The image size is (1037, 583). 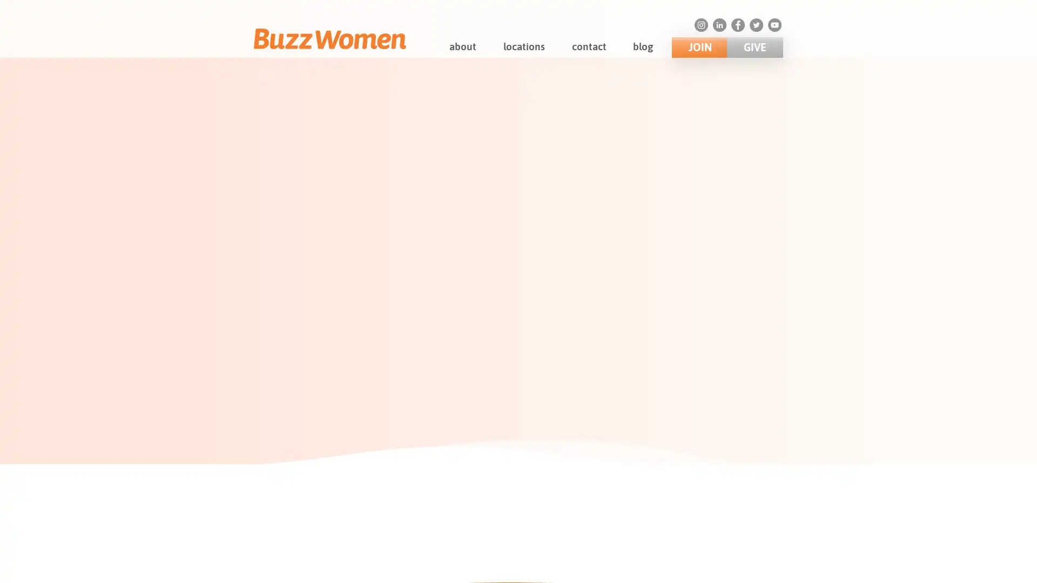 I want to click on Accept, so click(x=990, y=565).